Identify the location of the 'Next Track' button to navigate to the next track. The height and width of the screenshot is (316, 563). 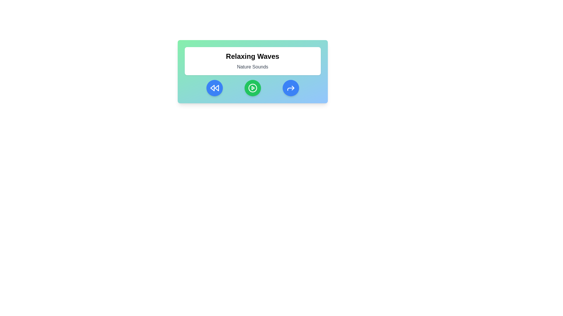
(291, 88).